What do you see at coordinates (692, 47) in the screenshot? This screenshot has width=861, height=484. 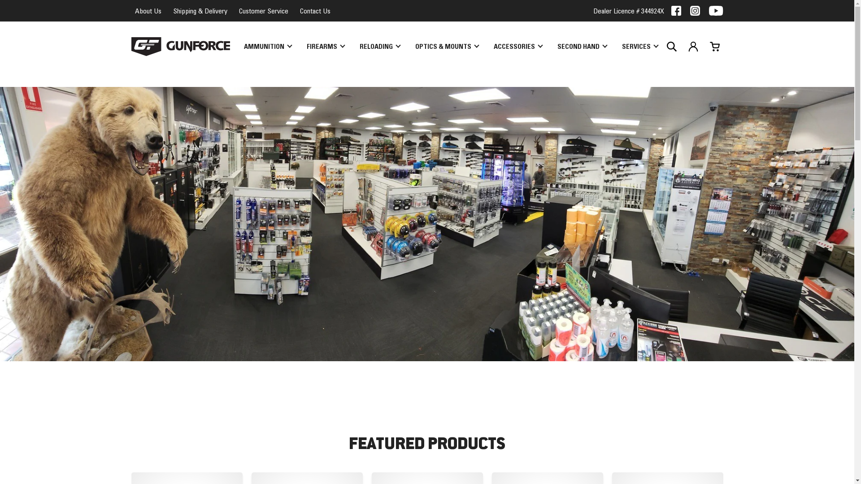 I see `'Log In'` at bounding box center [692, 47].